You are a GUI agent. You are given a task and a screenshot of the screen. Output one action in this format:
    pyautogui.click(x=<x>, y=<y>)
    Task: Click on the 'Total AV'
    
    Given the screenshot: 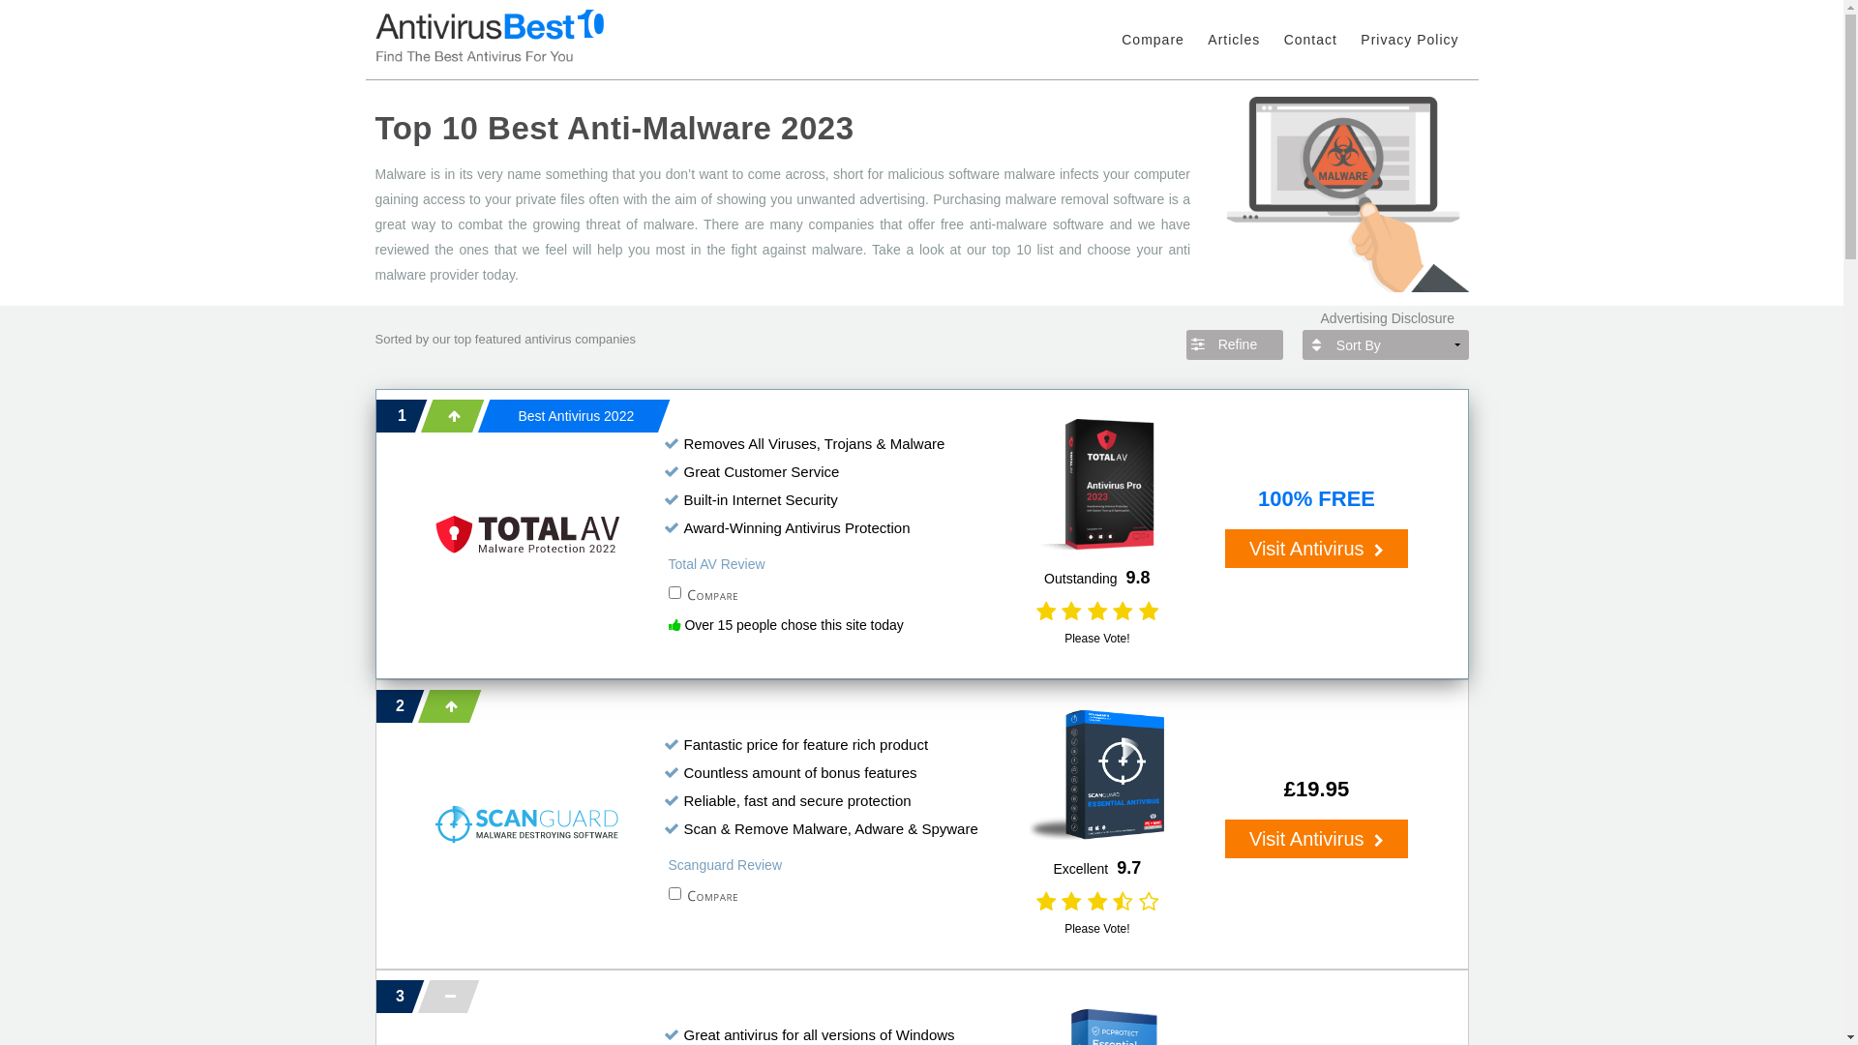 What is the action you would take?
    pyautogui.click(x=435, y=533)
    